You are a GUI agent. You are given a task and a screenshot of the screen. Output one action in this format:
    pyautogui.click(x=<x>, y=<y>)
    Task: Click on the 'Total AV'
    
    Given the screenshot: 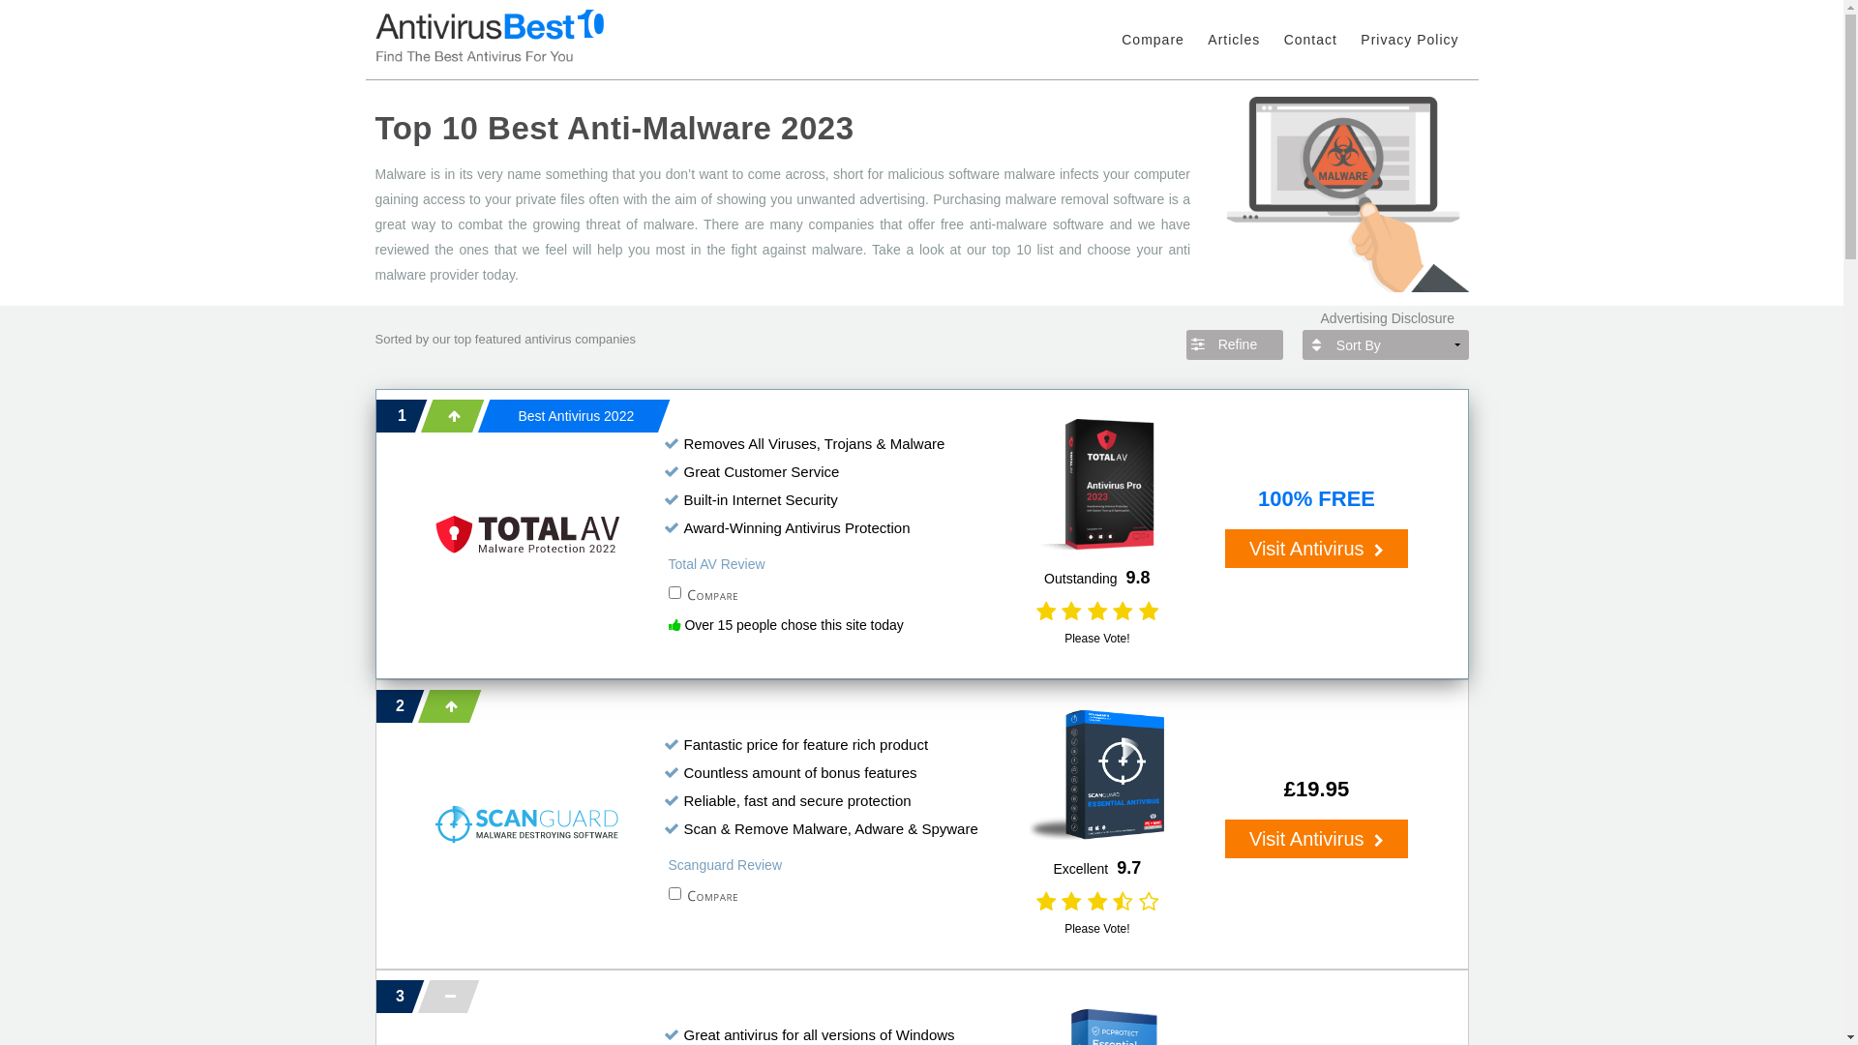 What is the action you would take?
    pyautogui.click(x=435, y=533)
    